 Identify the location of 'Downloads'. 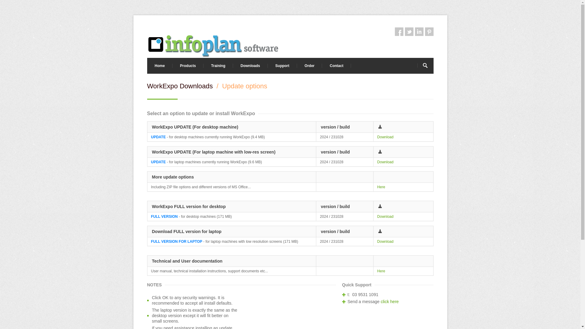
(250, 66).